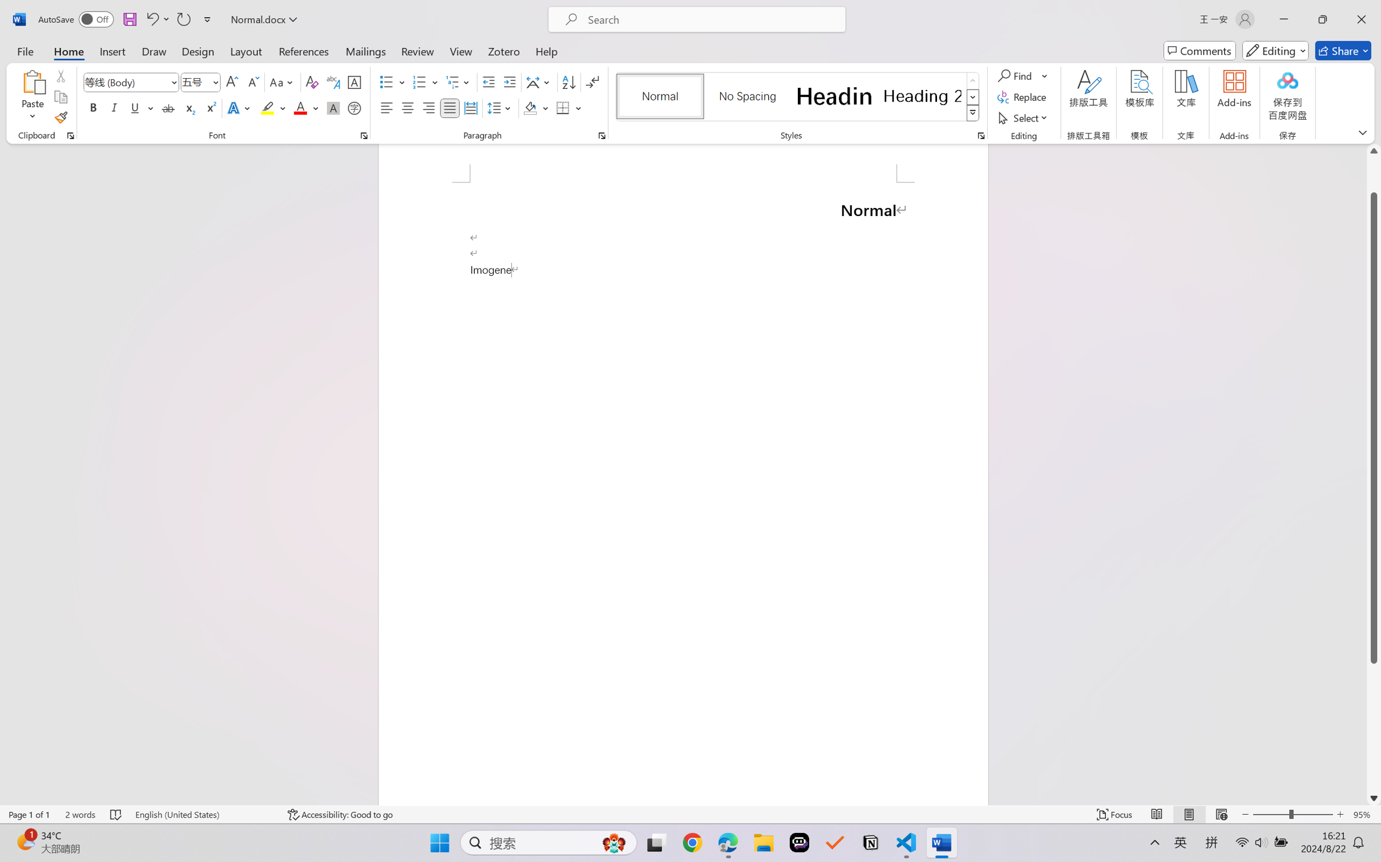  I want to click on 'Font...', so click(364, 135).